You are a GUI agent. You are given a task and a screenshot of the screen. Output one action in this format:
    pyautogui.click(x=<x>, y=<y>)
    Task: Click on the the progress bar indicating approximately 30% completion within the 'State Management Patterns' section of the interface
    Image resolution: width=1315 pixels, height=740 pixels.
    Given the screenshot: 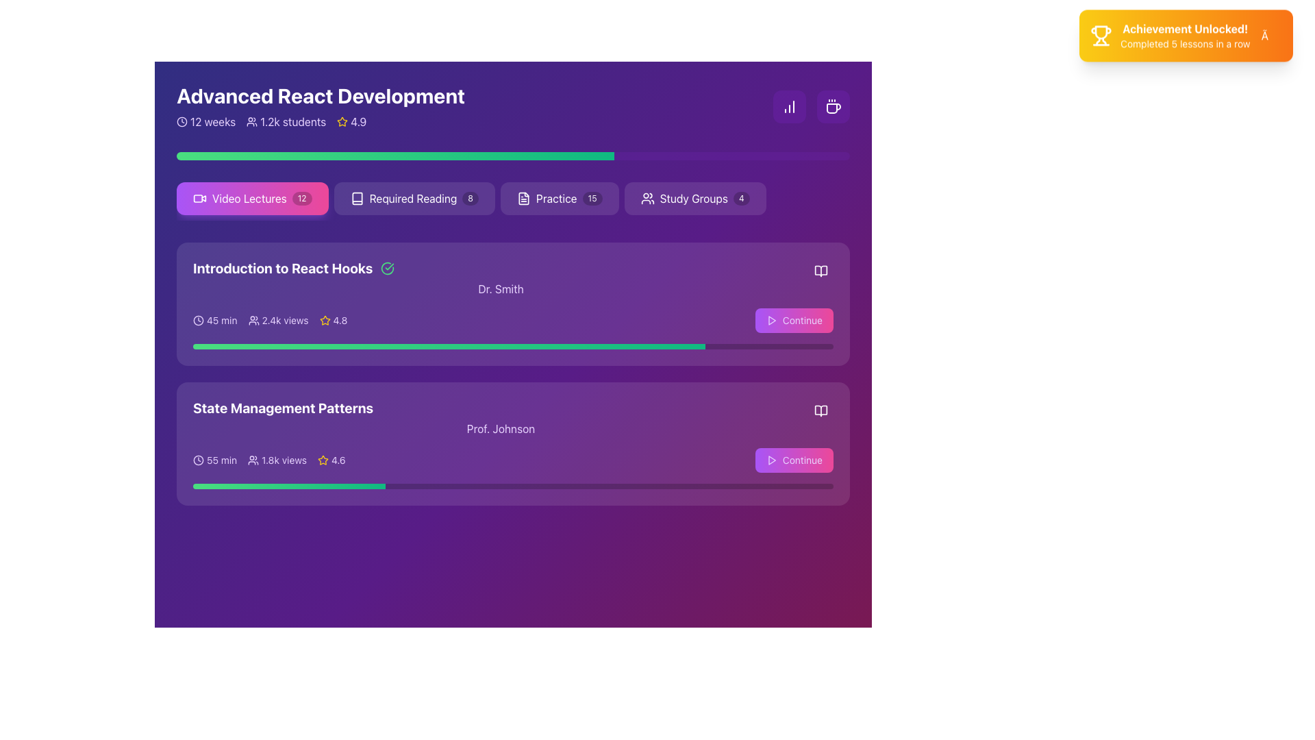 What is the action you would take?
    pyautogui.click(x=288, y=485)
    